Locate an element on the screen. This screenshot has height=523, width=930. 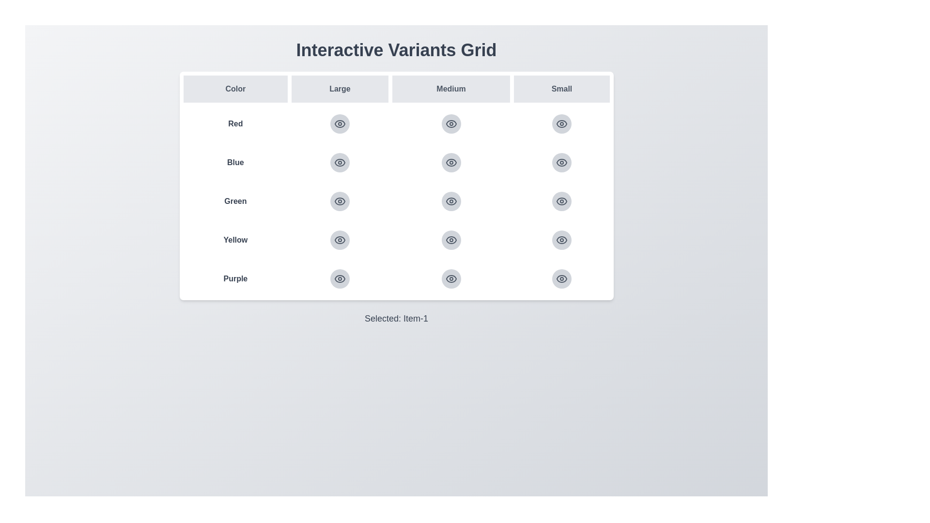
the Icon button located in the second row ('Blue') under the first column ('Large') of the grid is located at coordinates (340, 162).